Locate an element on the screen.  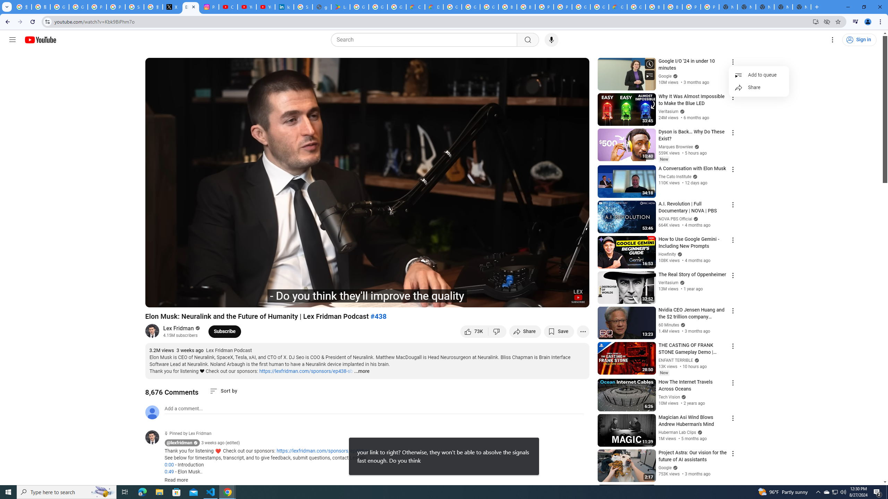
'Privacy Help Center - Policies Help' is located at coordinates (116, 7).